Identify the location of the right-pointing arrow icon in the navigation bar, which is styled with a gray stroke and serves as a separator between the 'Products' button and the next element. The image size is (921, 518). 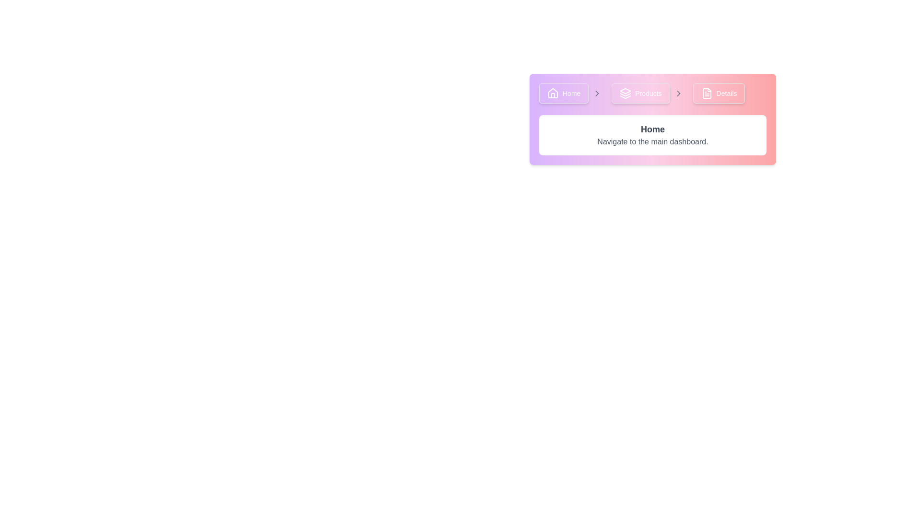
(597, 94).